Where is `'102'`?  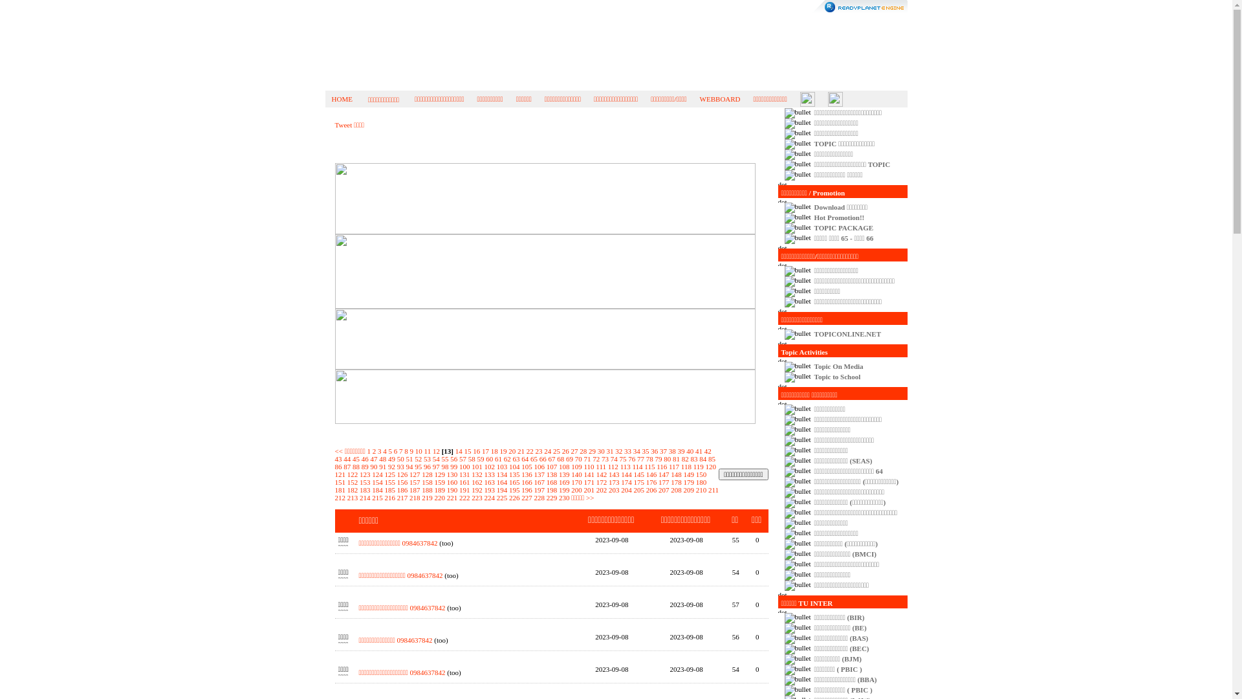
'102' is located at coordinates (488, 467).